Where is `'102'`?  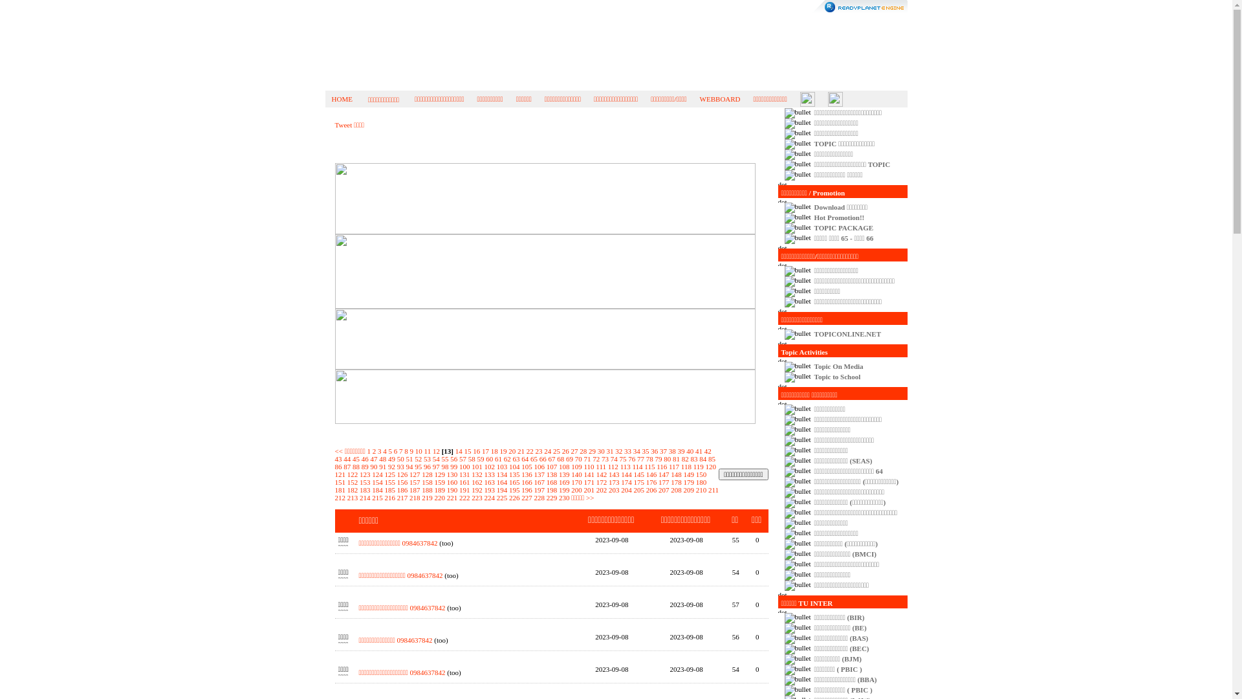
'102' is located at coordinates (488, 467).